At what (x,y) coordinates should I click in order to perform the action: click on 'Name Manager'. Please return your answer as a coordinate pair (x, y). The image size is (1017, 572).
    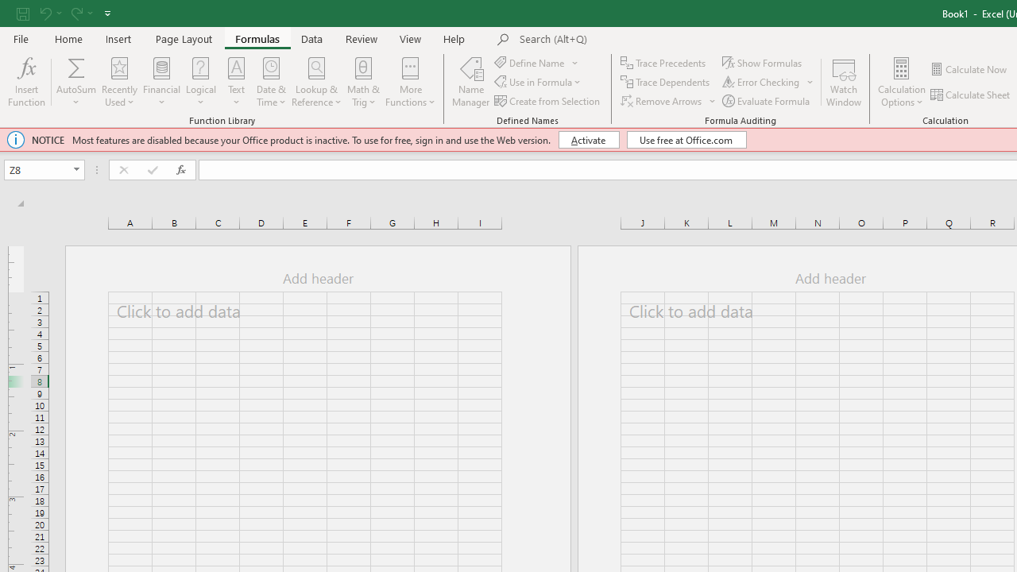
    Looking at the image, I should click on (470, 82).